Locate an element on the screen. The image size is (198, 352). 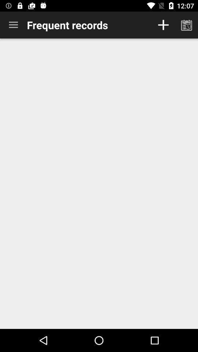
review the reports history is located at coordinates (186, 25).